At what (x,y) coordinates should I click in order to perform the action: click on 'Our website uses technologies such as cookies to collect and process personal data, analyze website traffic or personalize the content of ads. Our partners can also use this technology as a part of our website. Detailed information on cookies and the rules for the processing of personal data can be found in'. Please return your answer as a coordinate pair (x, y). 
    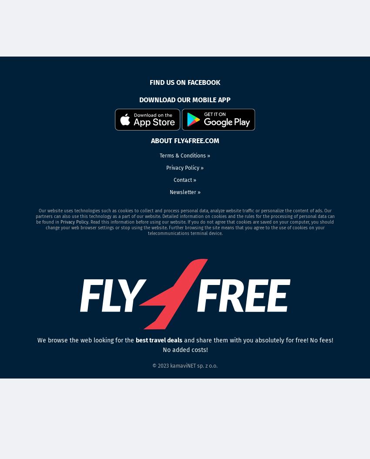
    Looking at the image, I should click on (185, 216).